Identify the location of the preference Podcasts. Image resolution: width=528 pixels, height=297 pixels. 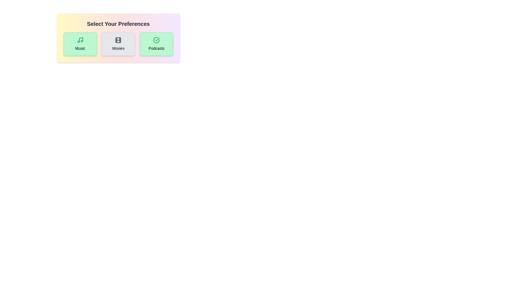
(156, 43).